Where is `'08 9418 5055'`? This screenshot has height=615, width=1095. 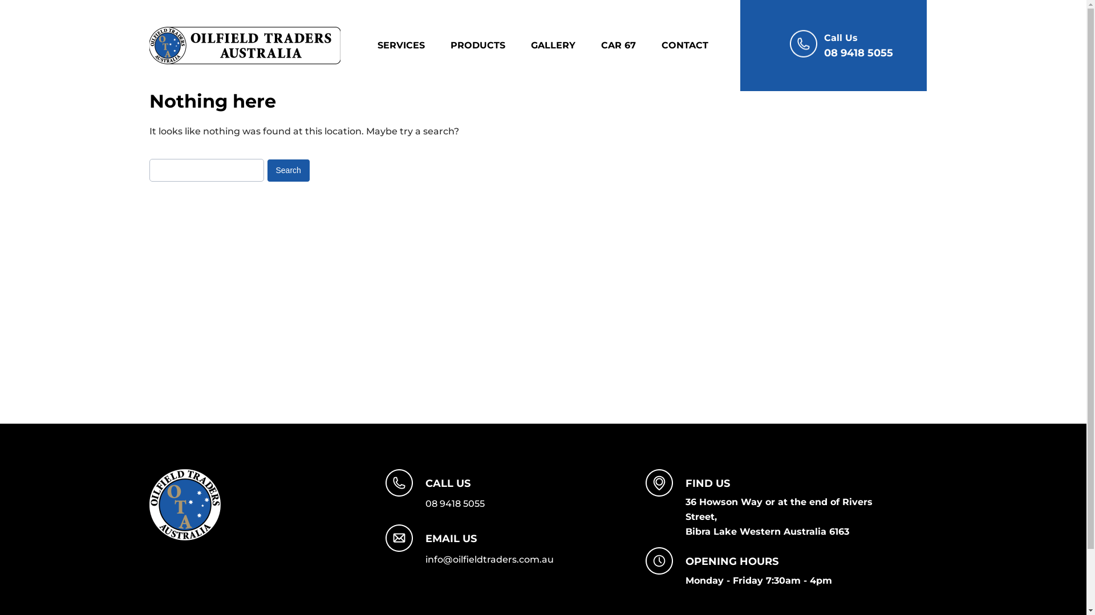 '08 9418 5055' is located at coordinates (858, 52).